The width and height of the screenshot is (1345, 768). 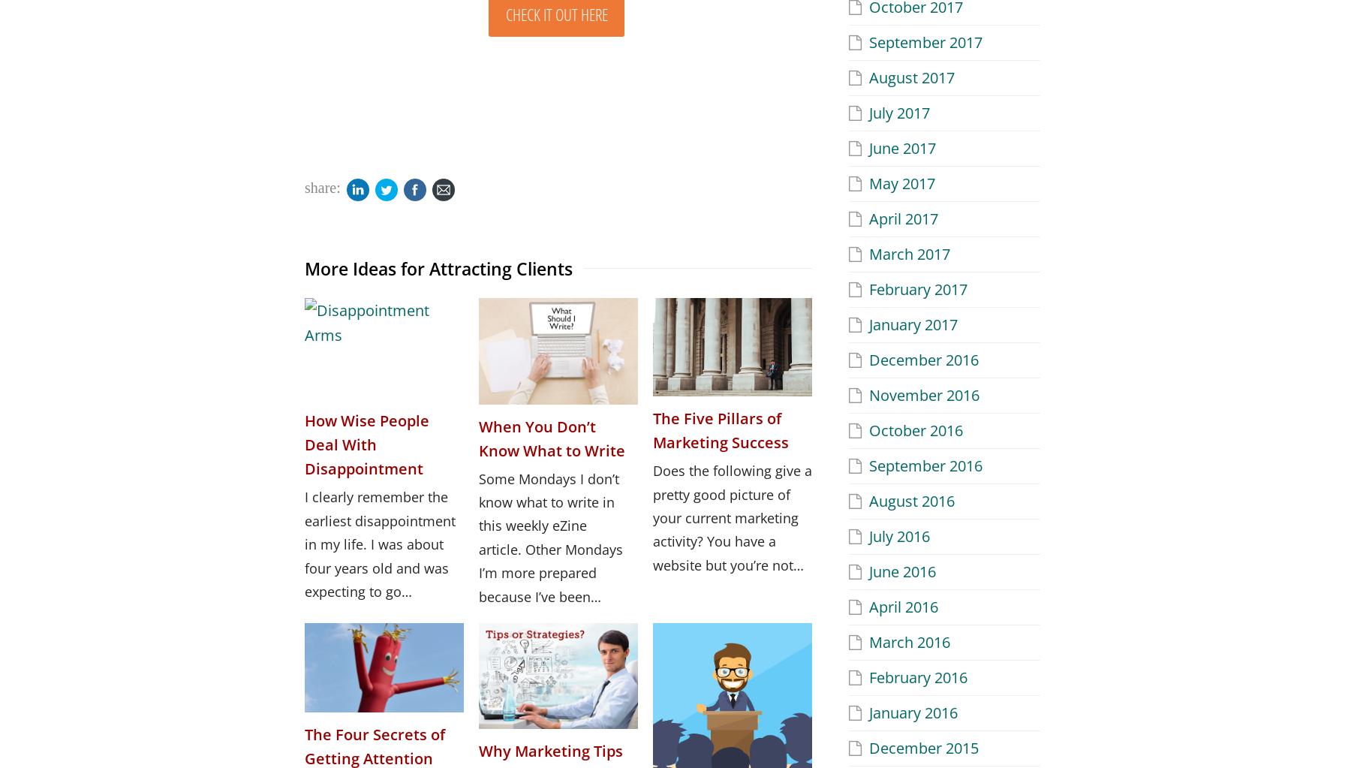 What do you see at coordinates (924, 393) in the screenshot?
I see `'November 2016'` at bounding box center [924, 393].